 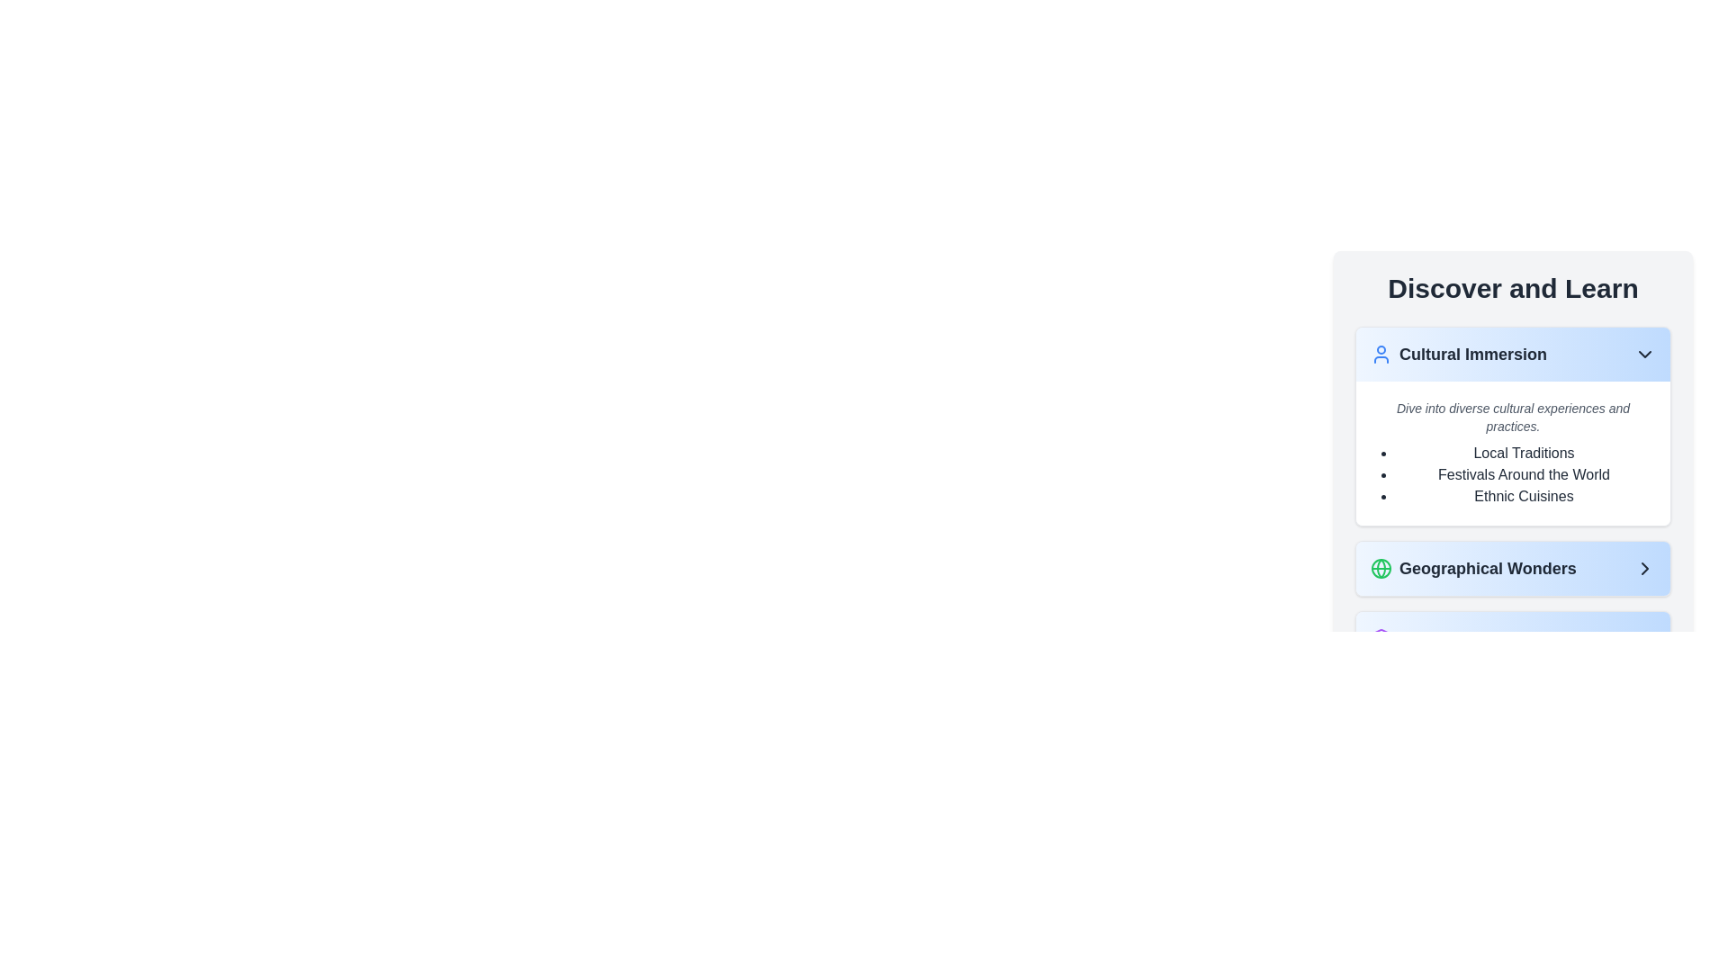 I want to click on the 'Local Traditions' label in the vertical bullet list under the 'Cultural Immersion' section, so click(x=1523, y=453).